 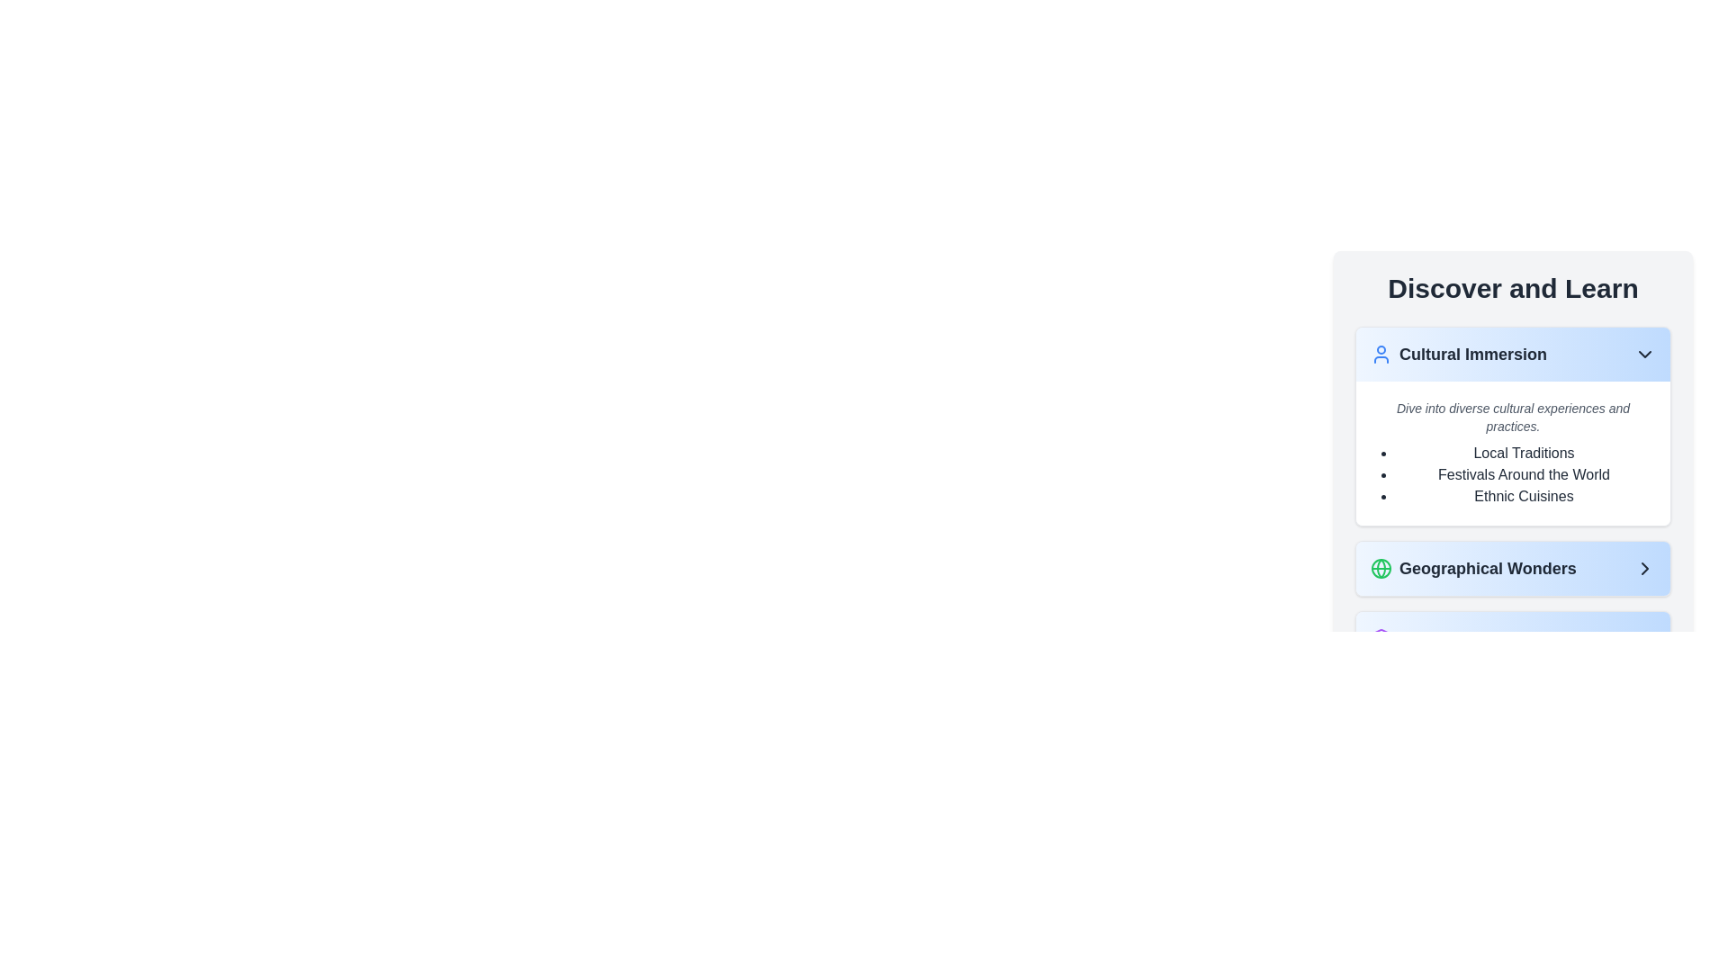 I want to click on the 'Local Traditions' label in the vertical bullet list under the 'Cultural Immersion' section, so click(x=1523, y=453).